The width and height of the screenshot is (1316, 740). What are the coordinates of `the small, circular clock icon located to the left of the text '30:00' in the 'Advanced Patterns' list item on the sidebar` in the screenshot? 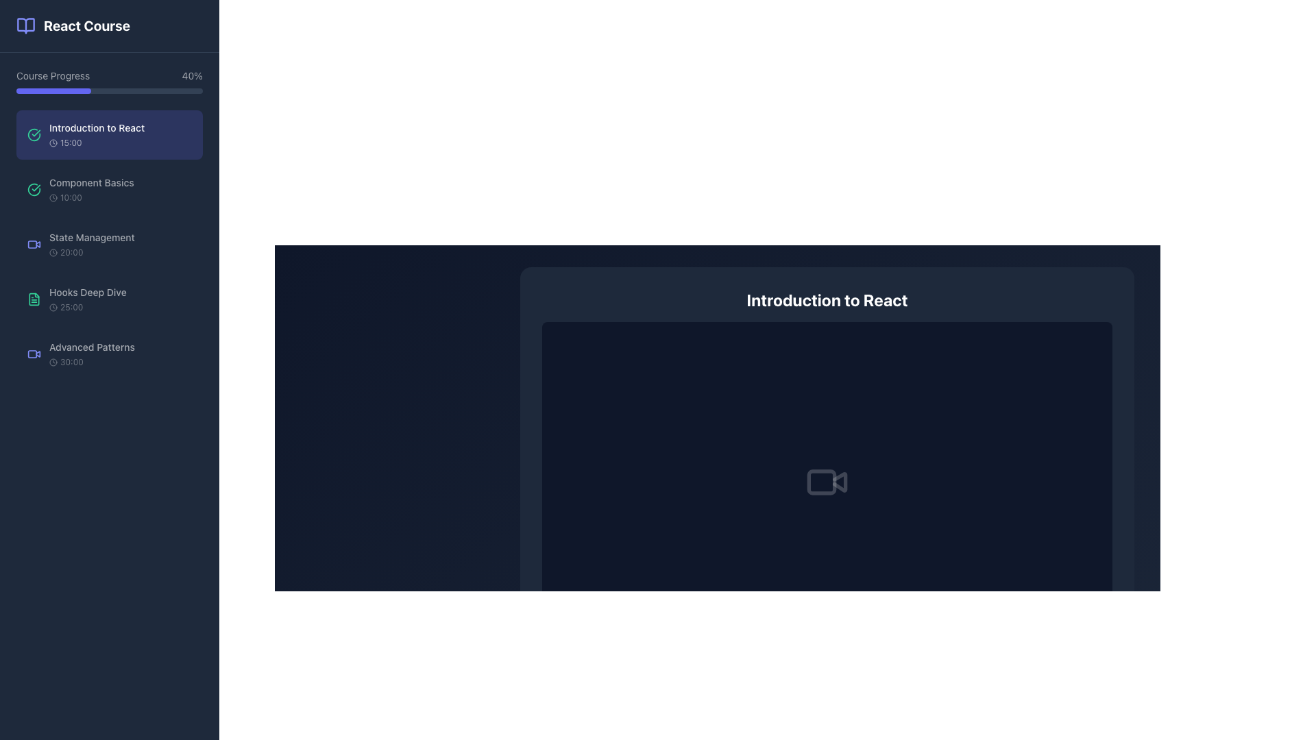 It's located at (53, 361).